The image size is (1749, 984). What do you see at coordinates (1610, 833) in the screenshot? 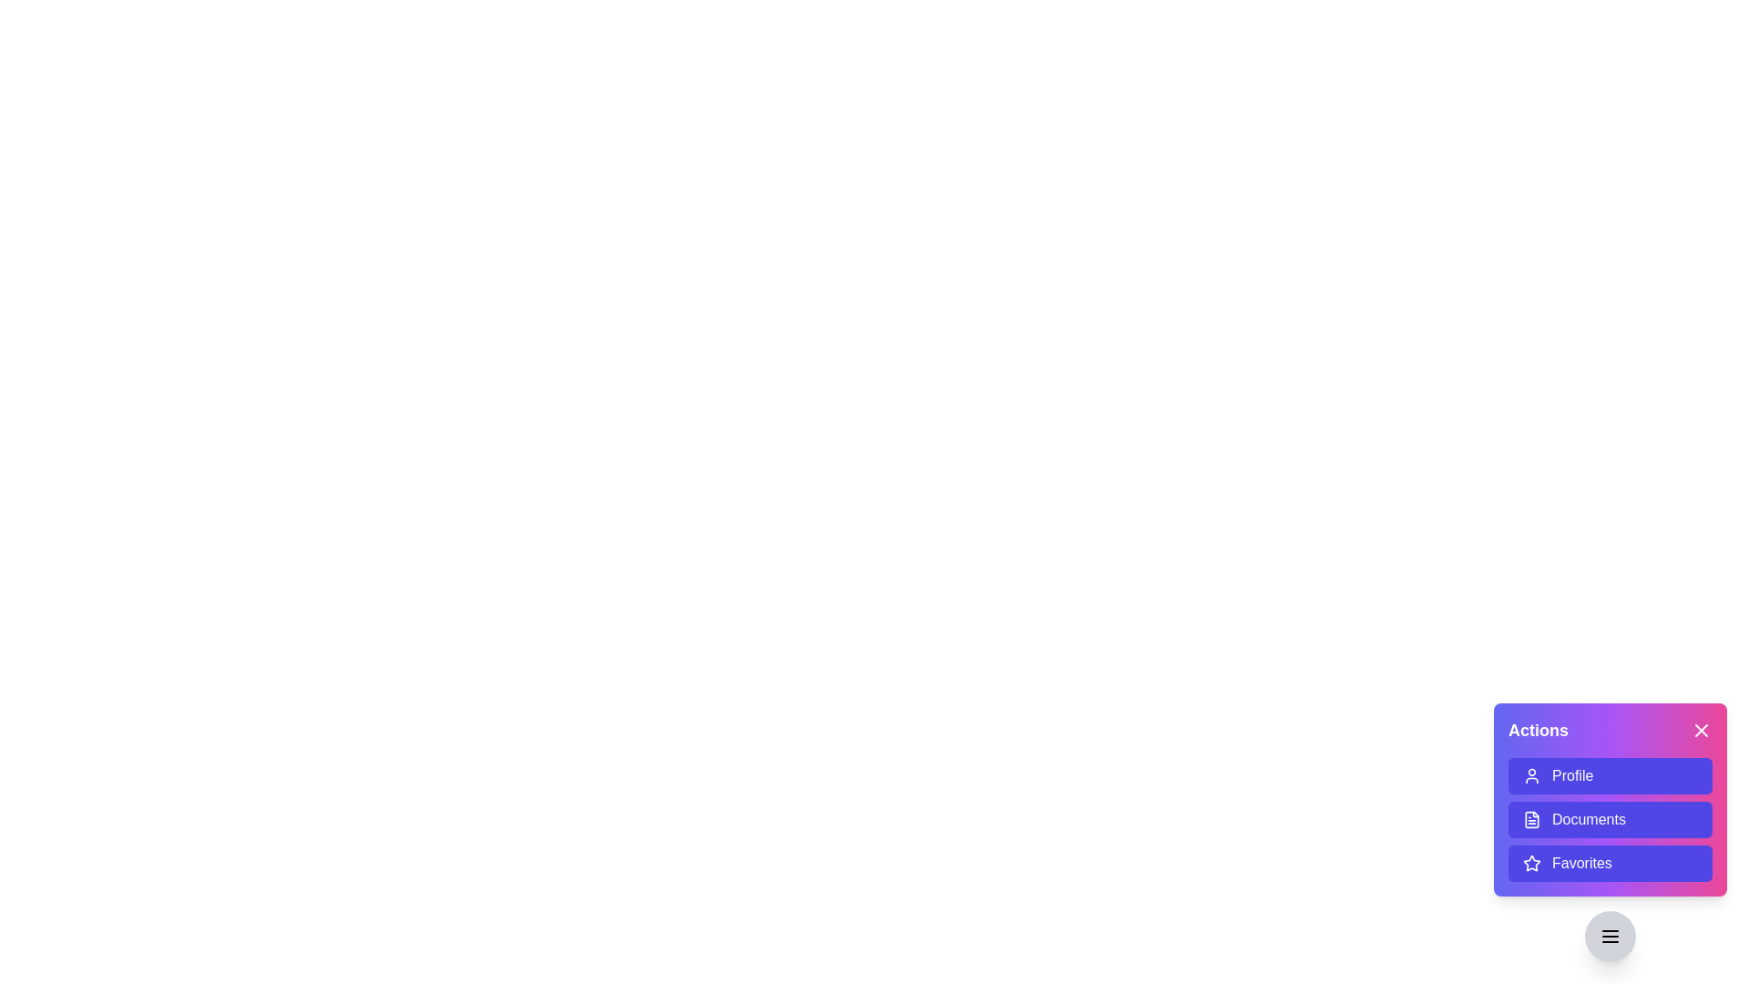
I see `the 'Documents' button with a blue background and white text` at bounding box center [1610, 833].